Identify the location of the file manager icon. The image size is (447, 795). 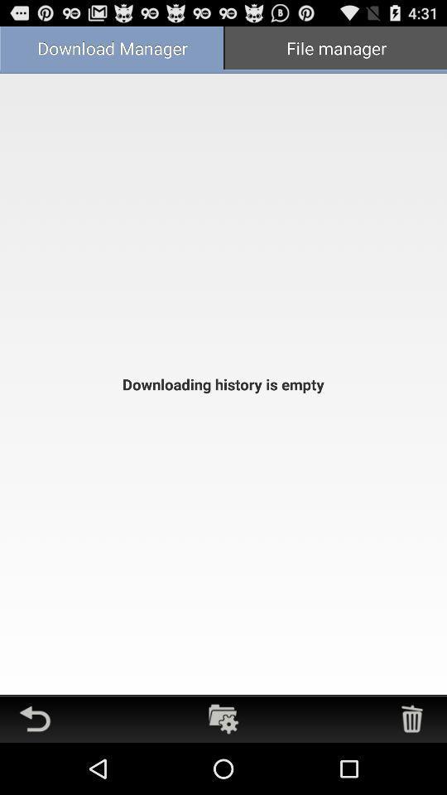
(335, 49).